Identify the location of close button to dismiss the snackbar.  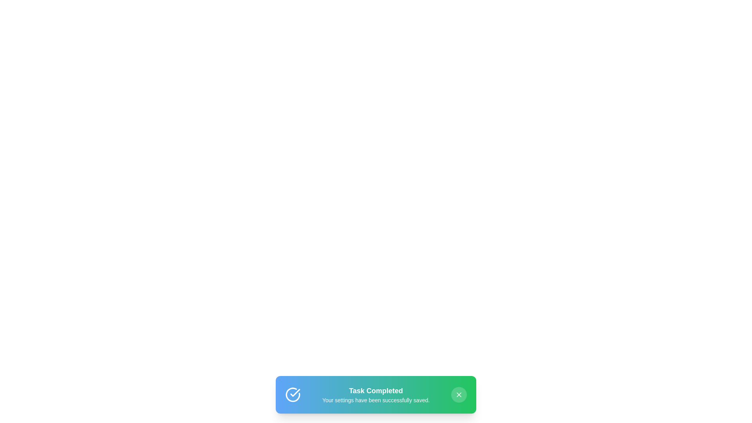
(459, 394).